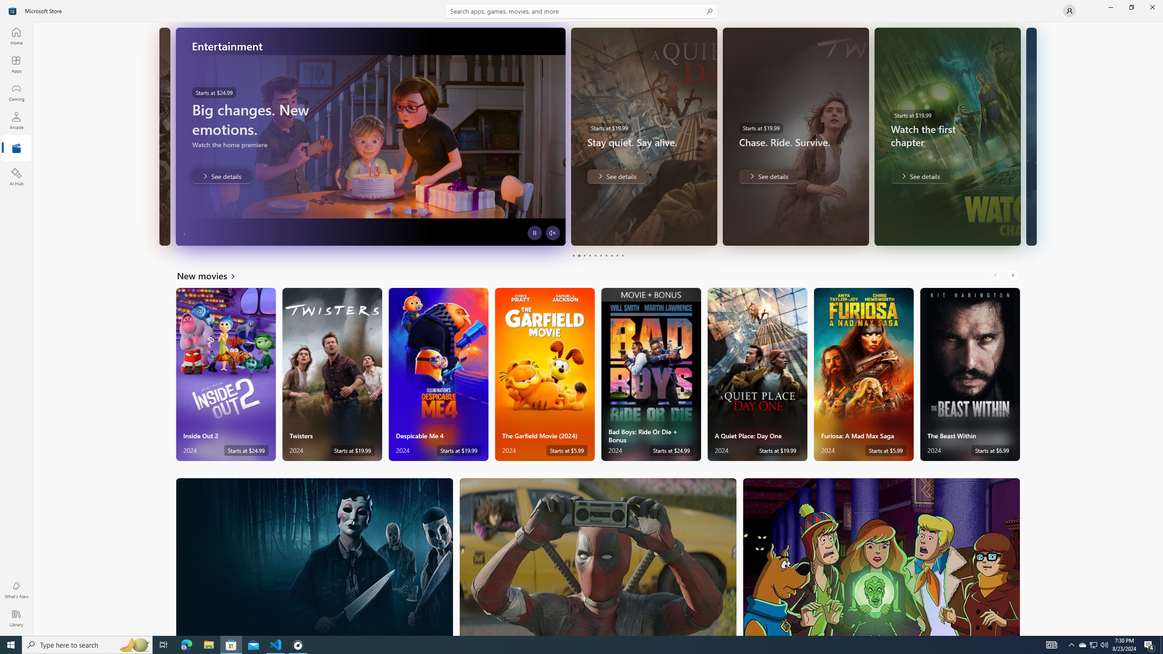  What do you see at coordinates (616, 255) in the screenshot?
I see `'Page 9'` at bounding box center [616, 255].